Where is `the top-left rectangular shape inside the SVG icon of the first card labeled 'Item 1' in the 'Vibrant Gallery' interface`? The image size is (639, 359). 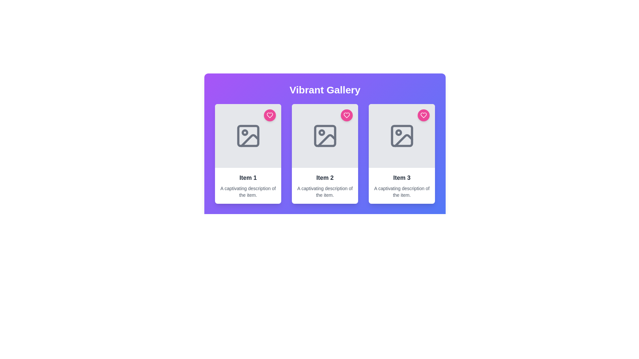 the top-left rectangular shape inside the SVG icon of the first card labeled 'Item 1' in the 'Vibrant Gallery' interface is located at coordinates (248, 135).